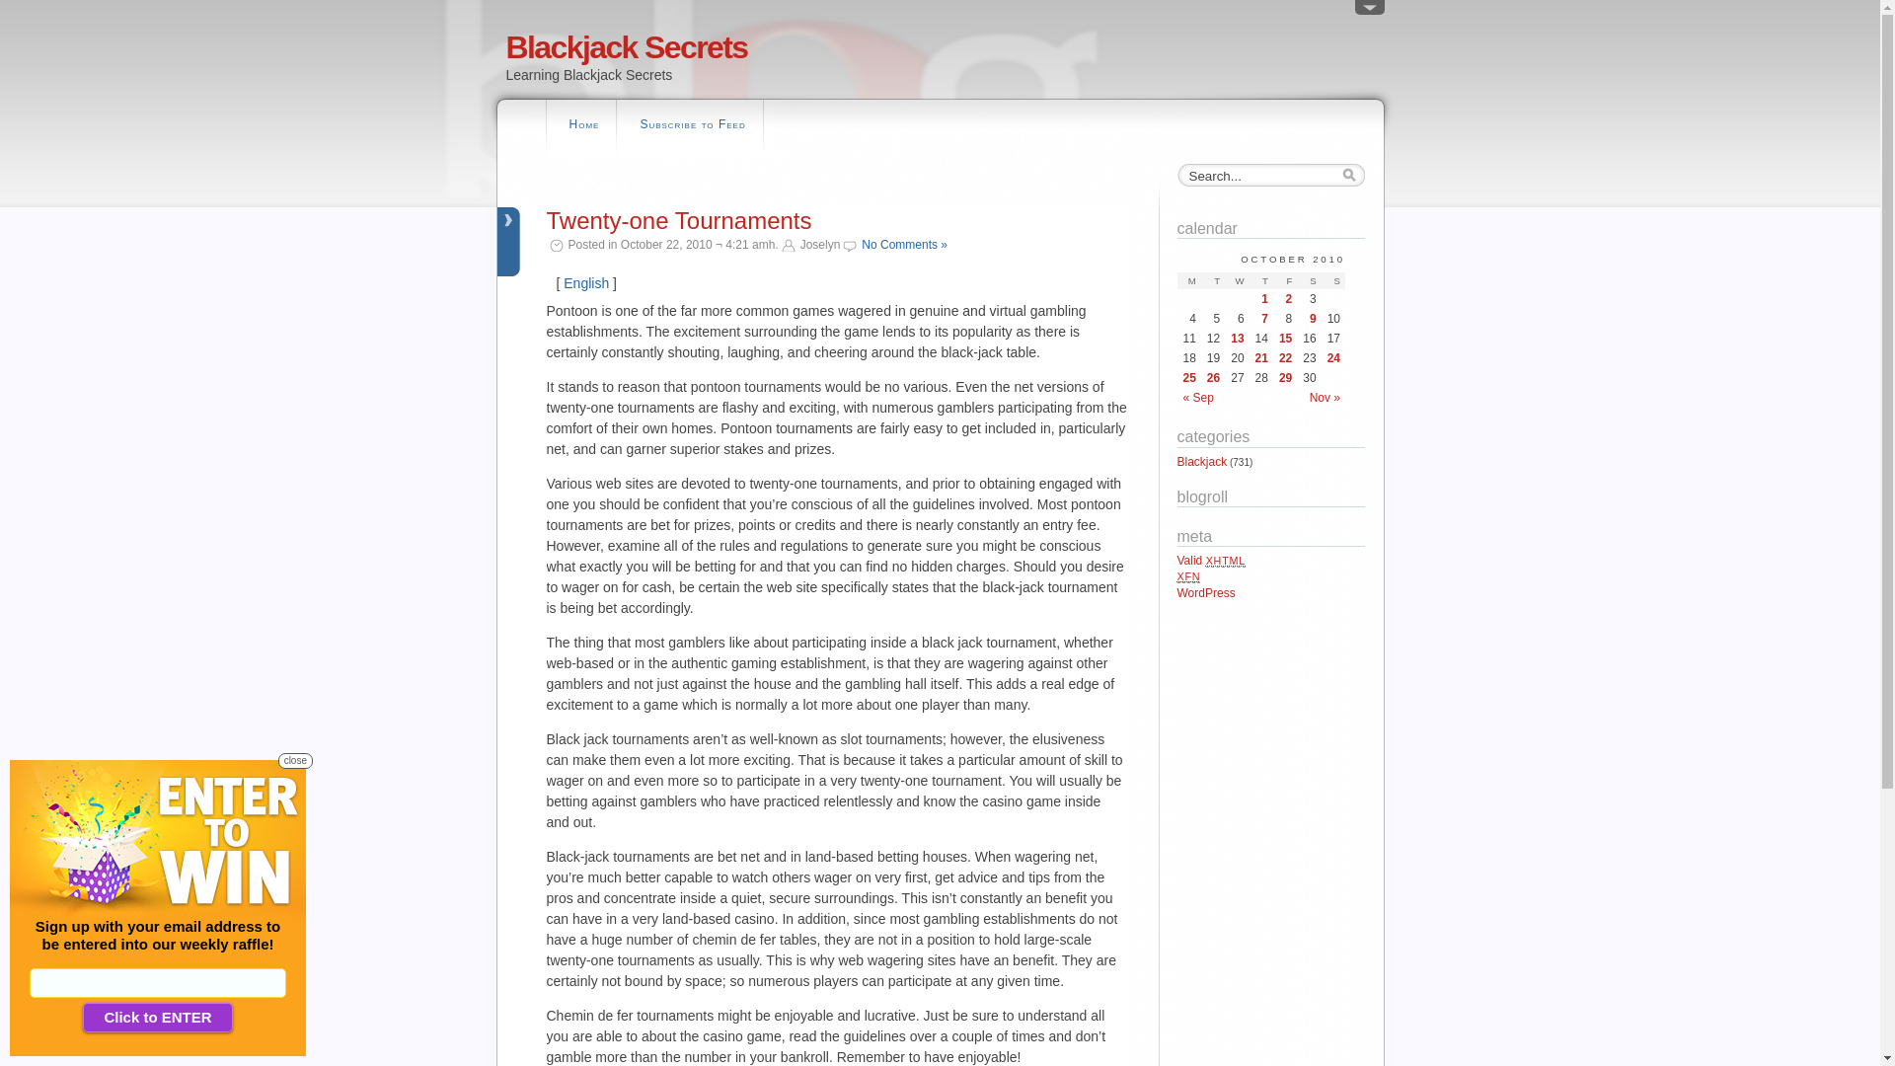 This screenshot has height=1066, width=1895. I want to click on '15', so click(1279, 338).